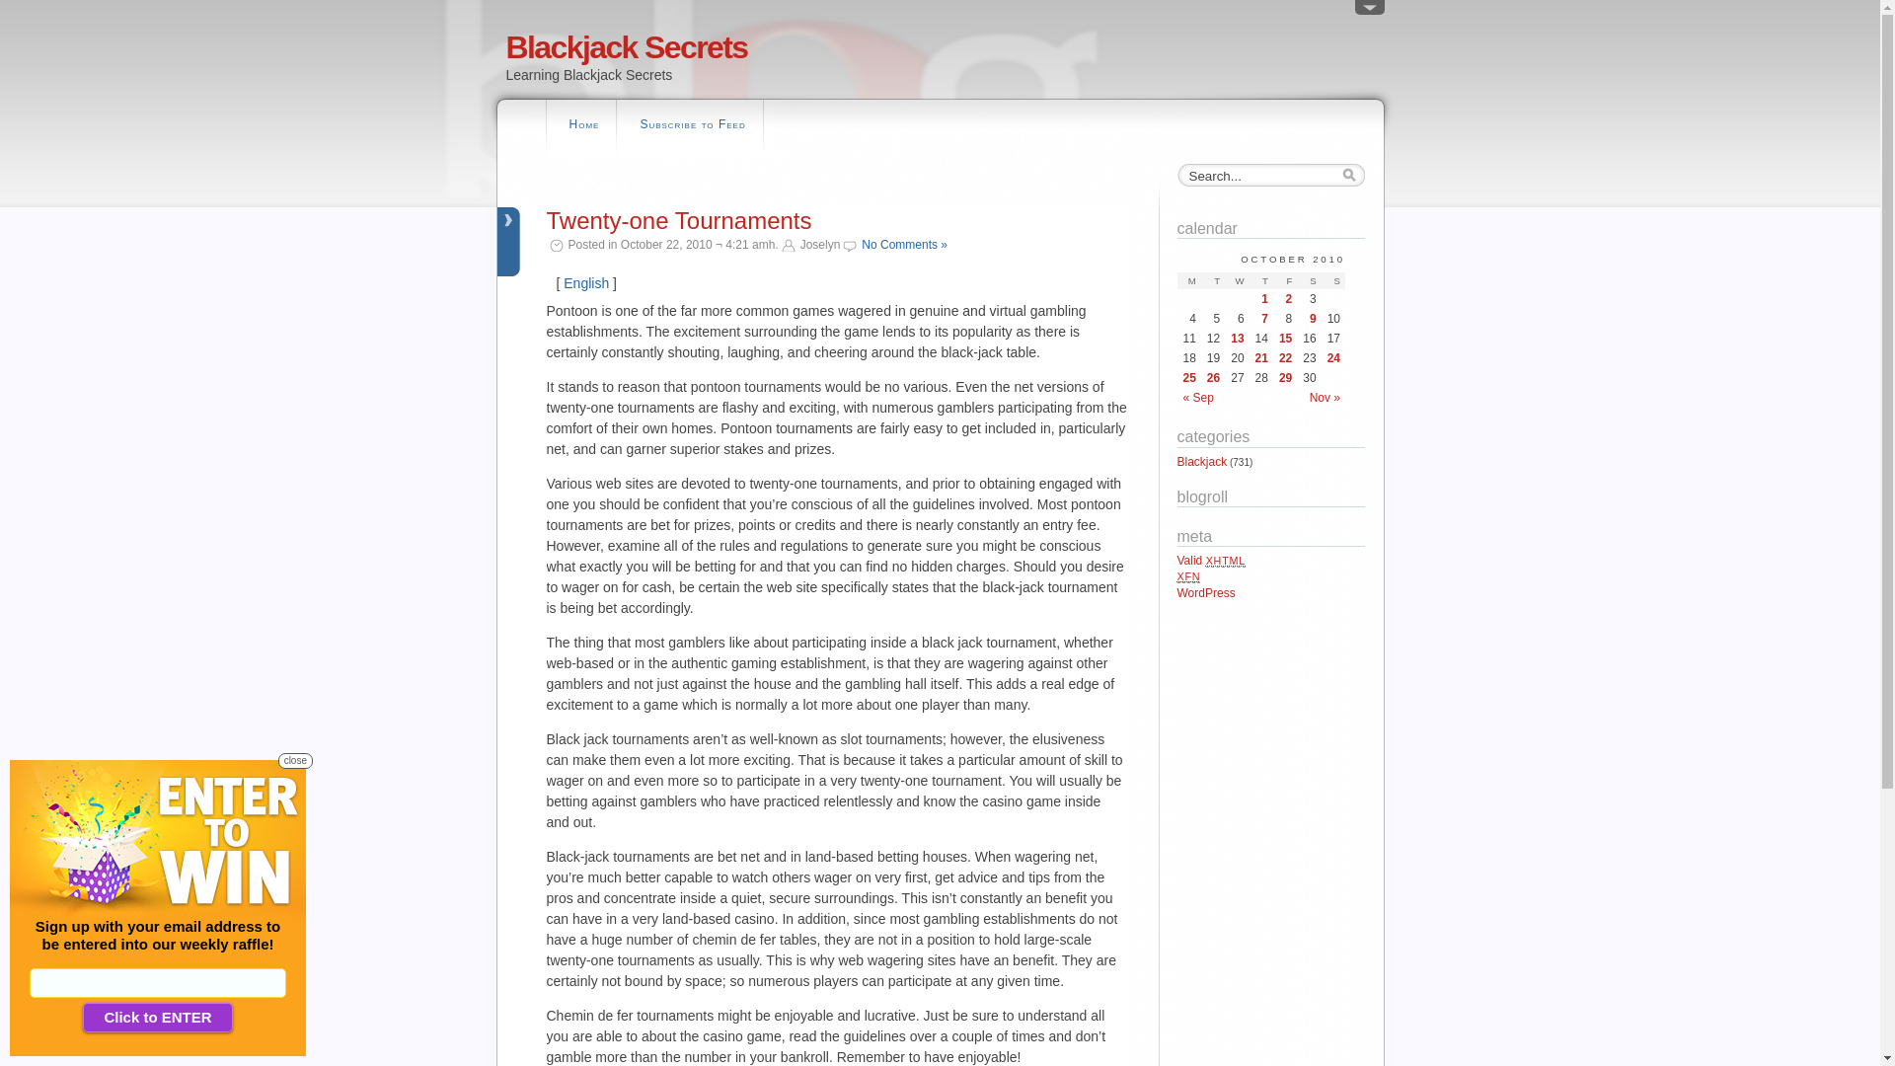 This screenshot has height=1066, width=1895. I want to click on '15', so click(1279, 338).